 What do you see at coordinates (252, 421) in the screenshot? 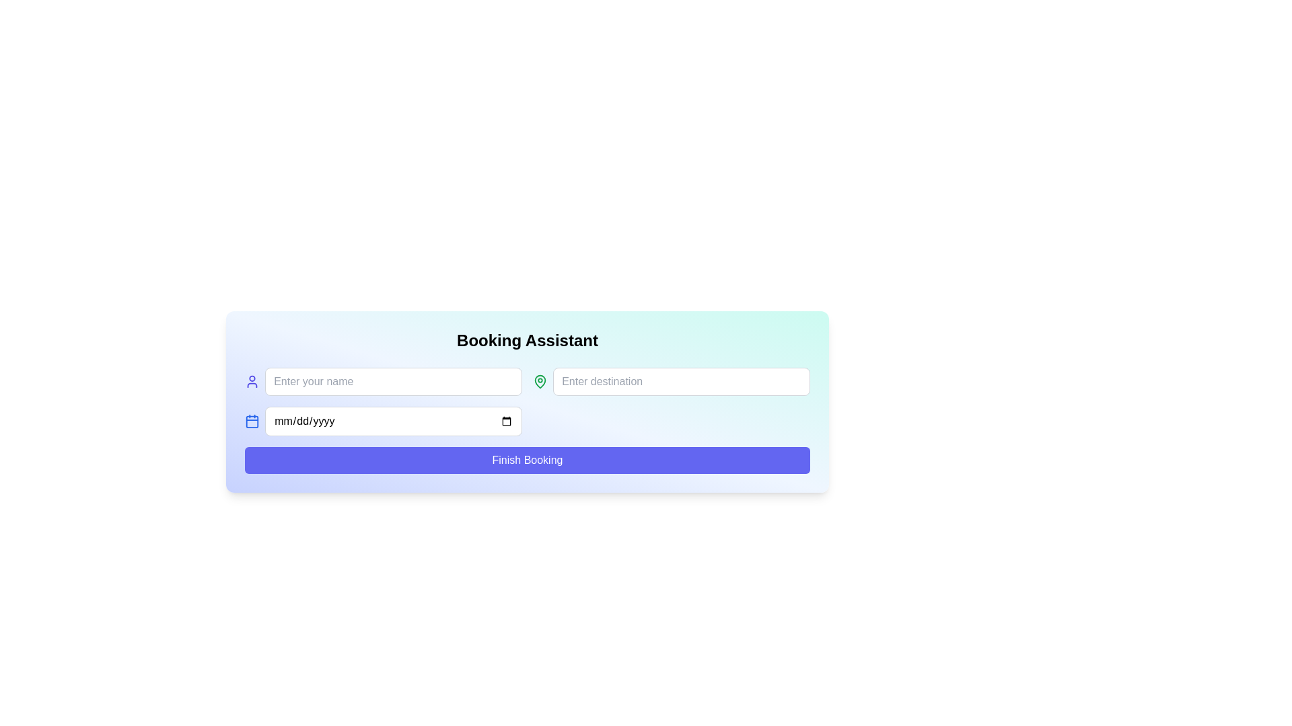
I see `the informative icon positioned to the left of the 'mm/dd/yyyy' date input field, which serves as a visual aid for the field's purpose` at bounding box center [252, 421].